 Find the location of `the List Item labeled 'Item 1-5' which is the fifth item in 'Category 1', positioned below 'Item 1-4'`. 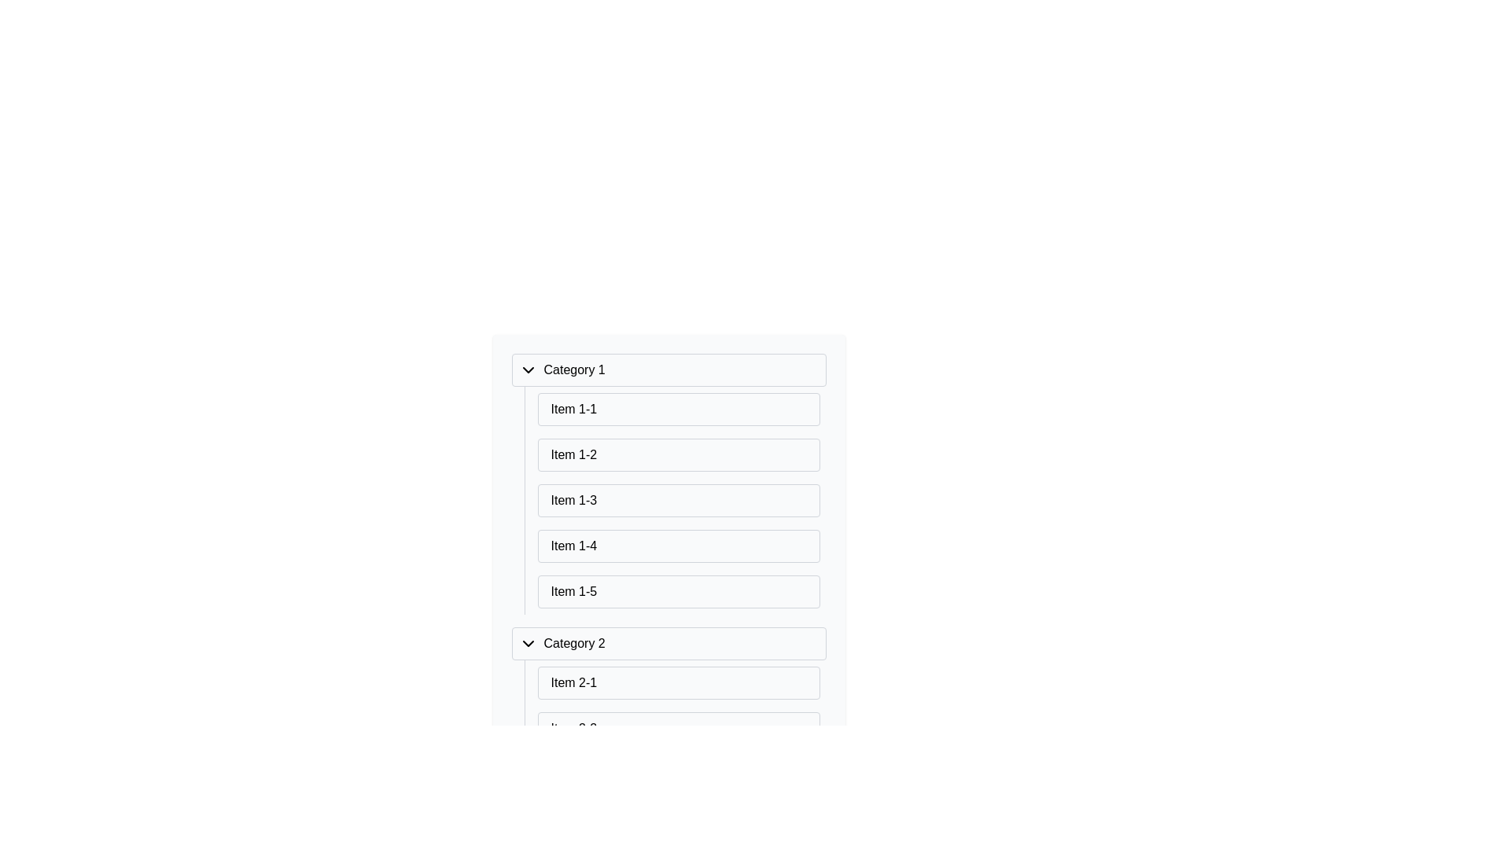

the List Item labeled 'Item 1-5' which is the fifth item in 'Category 1', positioned below 'Item 1-4' is located at coordinates (679, 591).